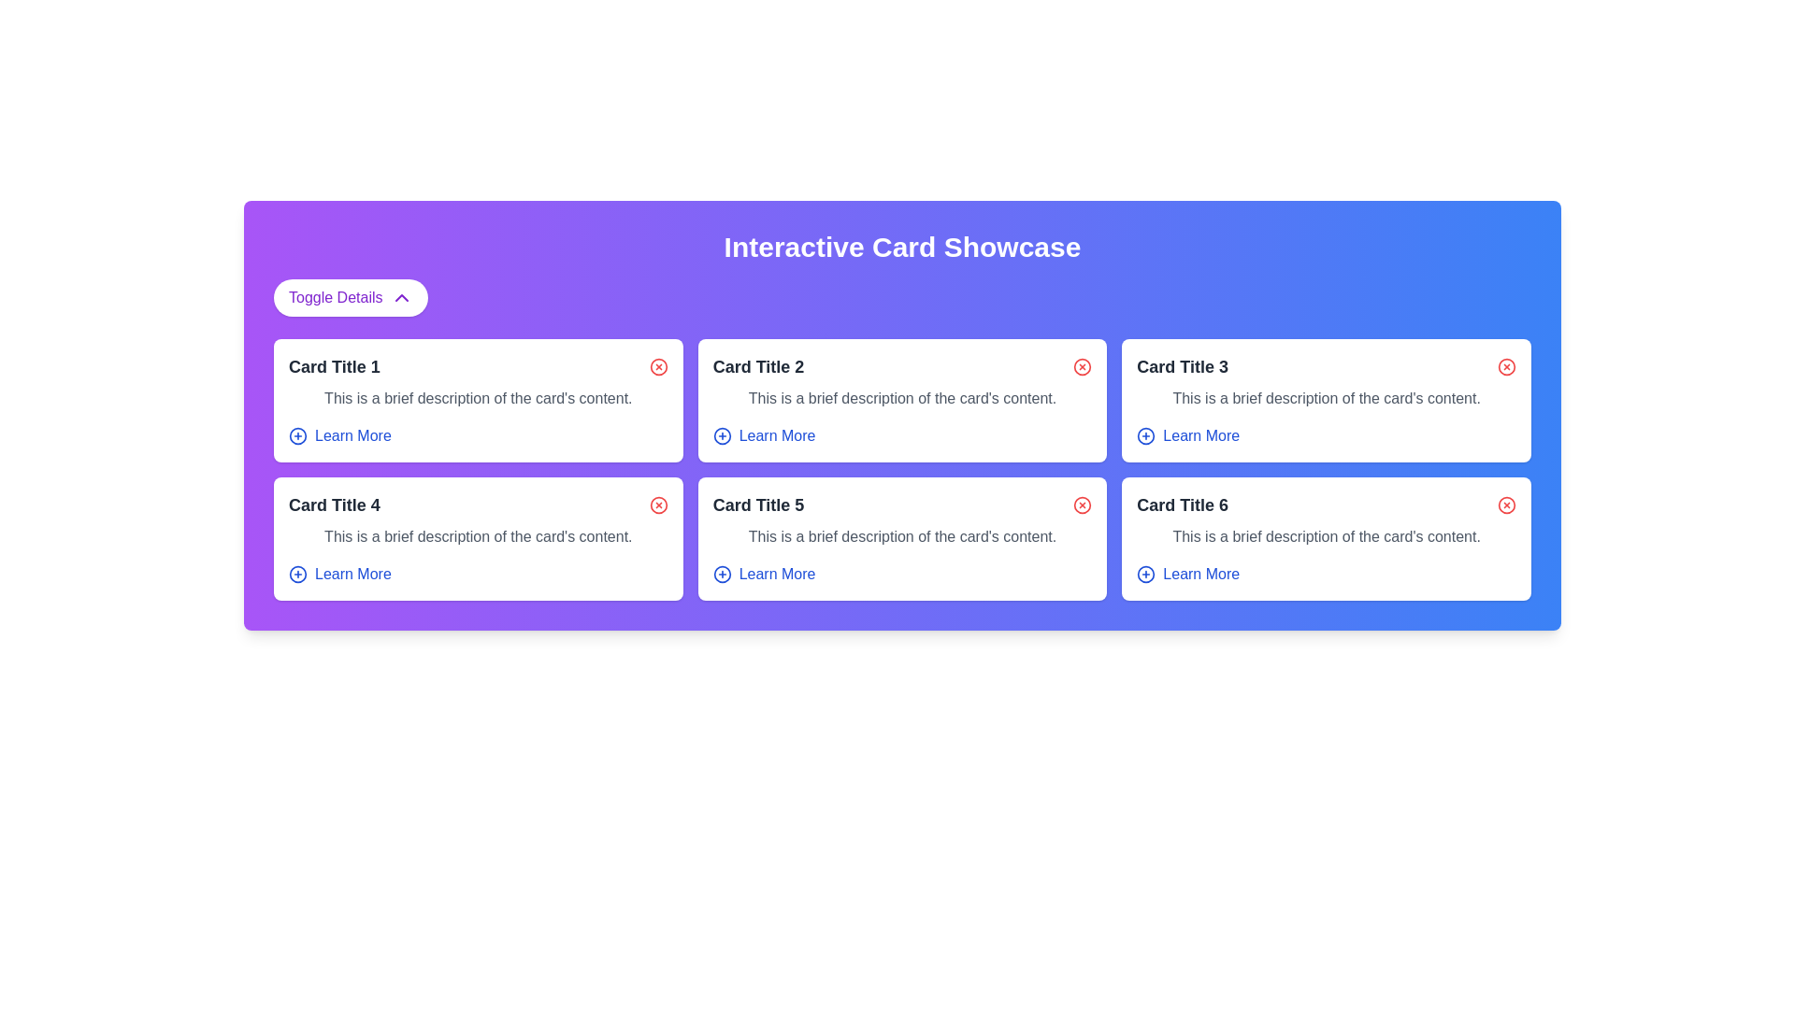 Image resolution: width=1795 pixels, height=1009 pixels. What do you see at coordinates (658, 367) in the screenshot?
I see `the icon button located at the top-right corner of 'Card Title 1'` at bounding box center [658, 367].